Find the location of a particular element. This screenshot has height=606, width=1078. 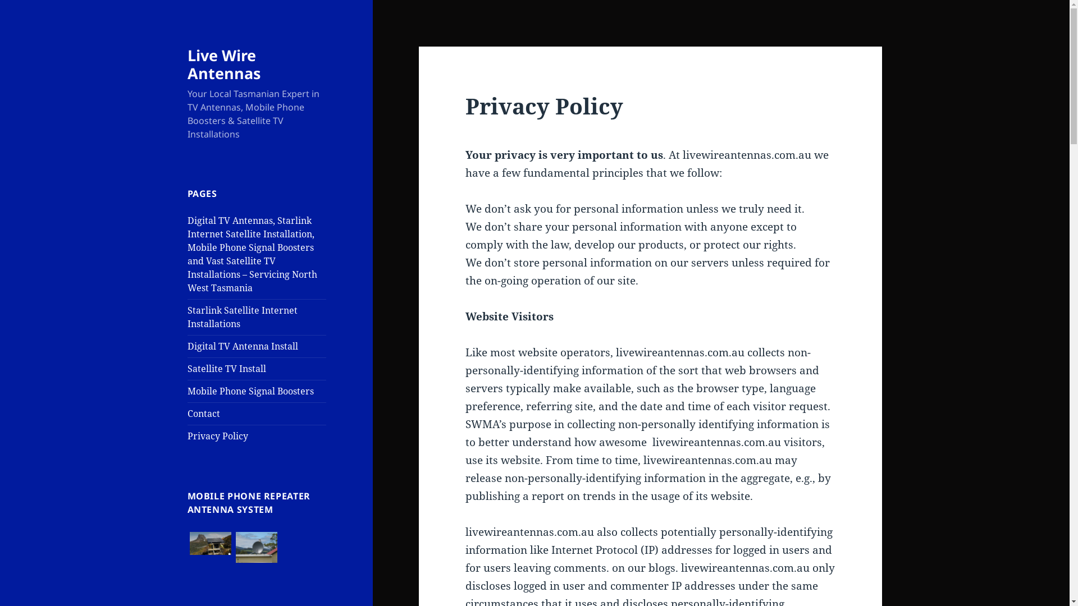

'Privacy Policy' is located at coordinates (218, 435).